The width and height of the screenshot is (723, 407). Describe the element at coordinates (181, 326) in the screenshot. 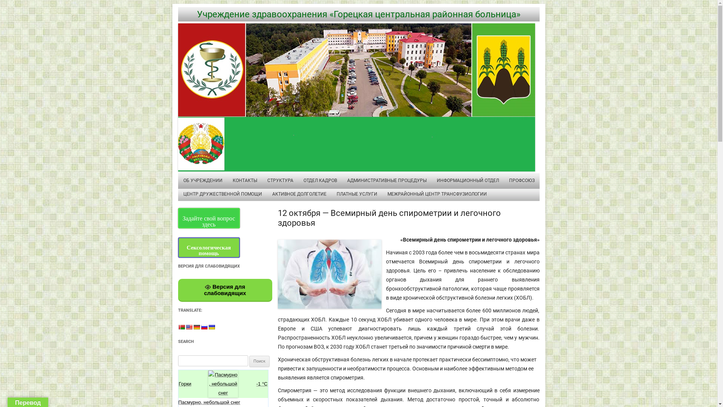

I see `'Belarusian'` at that location.